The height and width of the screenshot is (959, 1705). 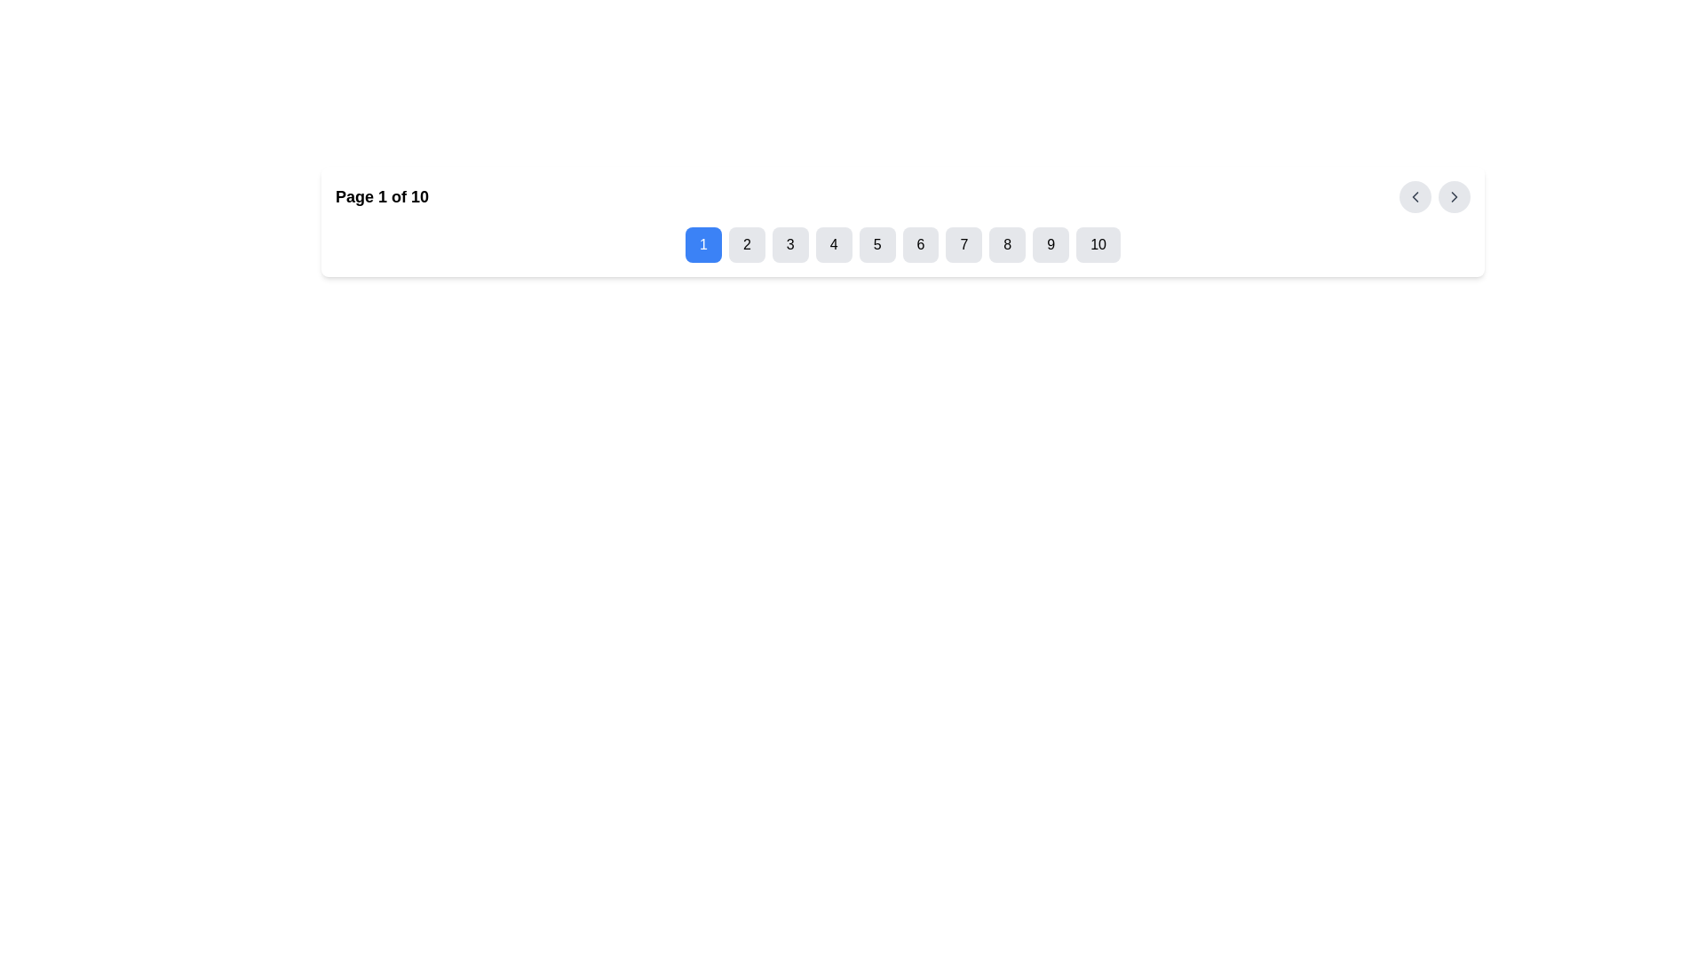 I want to click on the first button in the pagination control located at the top-center of the interface, so click(x=702, y=245).